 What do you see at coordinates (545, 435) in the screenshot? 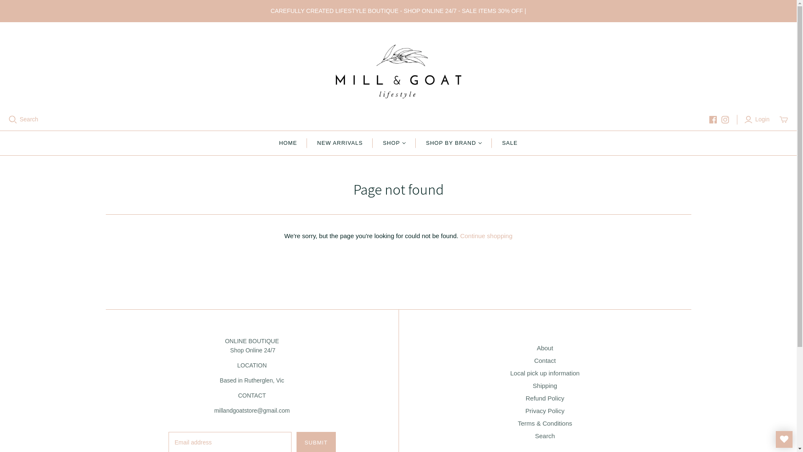
I see `'Search'` at bounding box center [545, 435].